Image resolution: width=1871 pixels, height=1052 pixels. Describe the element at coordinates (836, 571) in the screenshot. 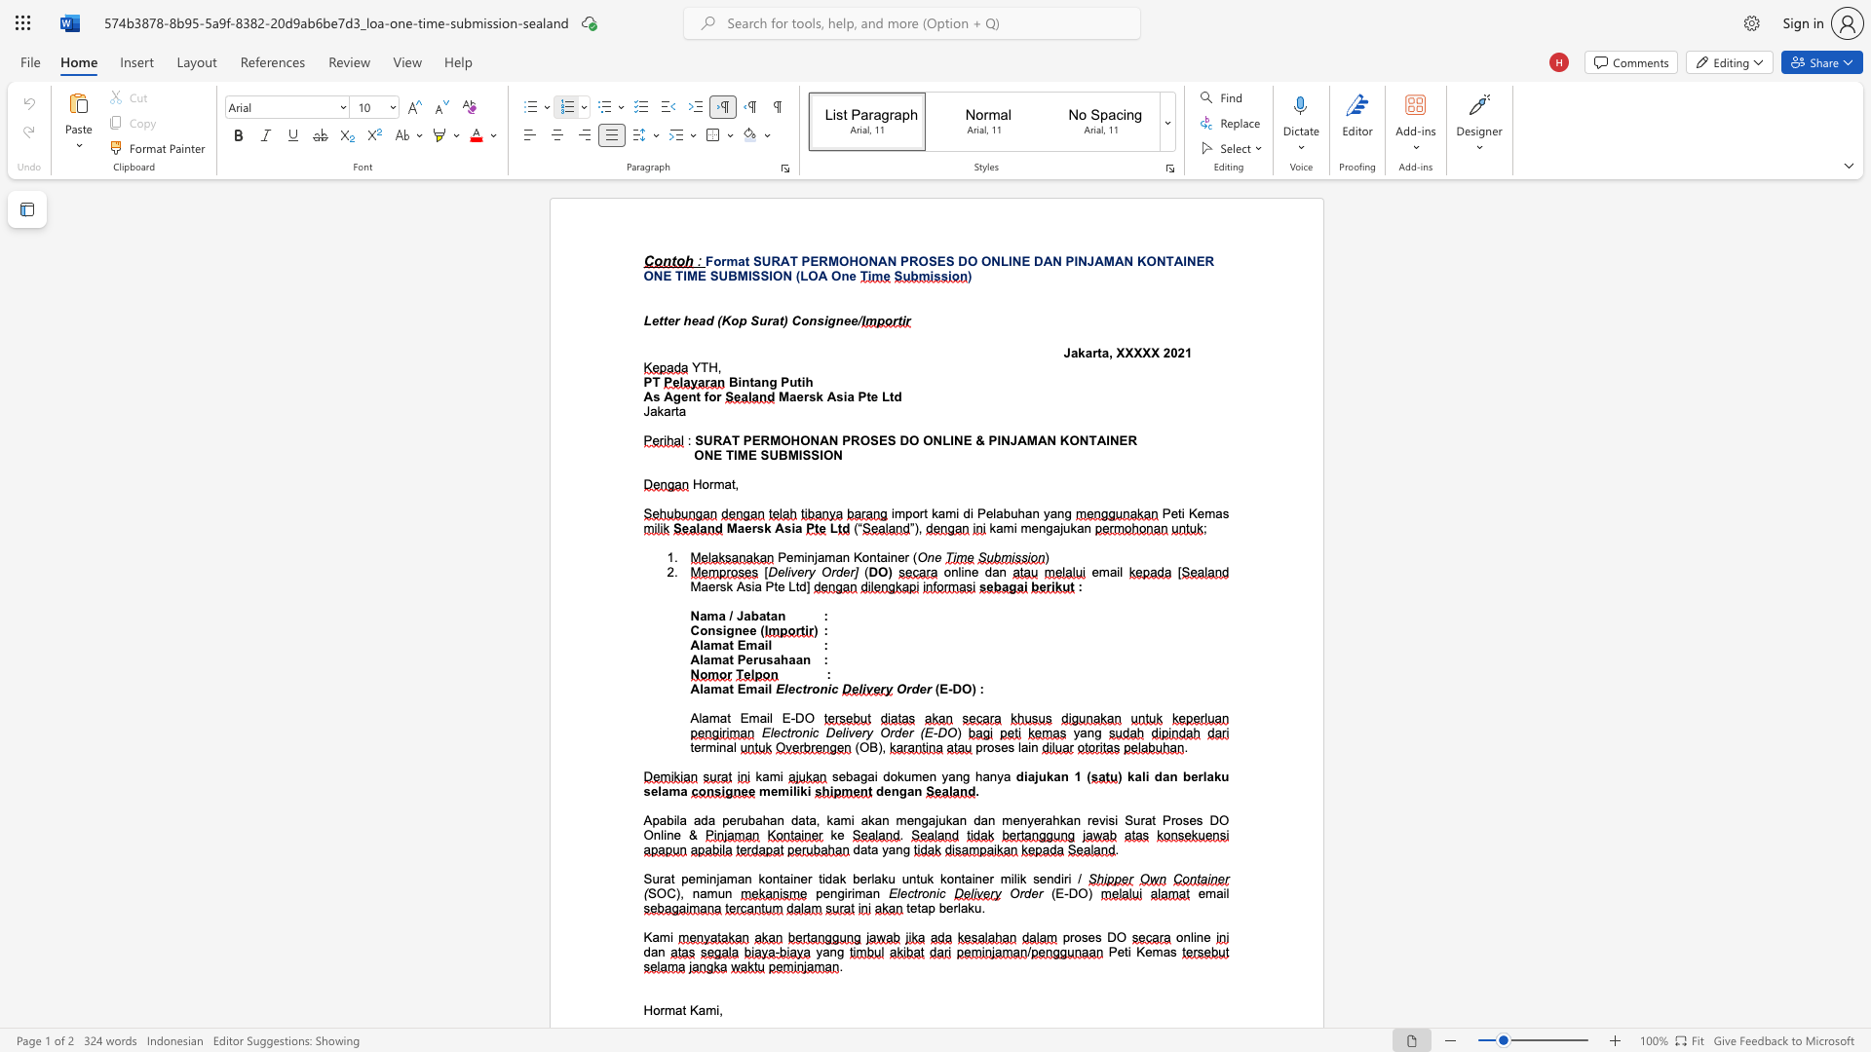

I see `the space between the continuous character "r" and "d" in the text` at that location.